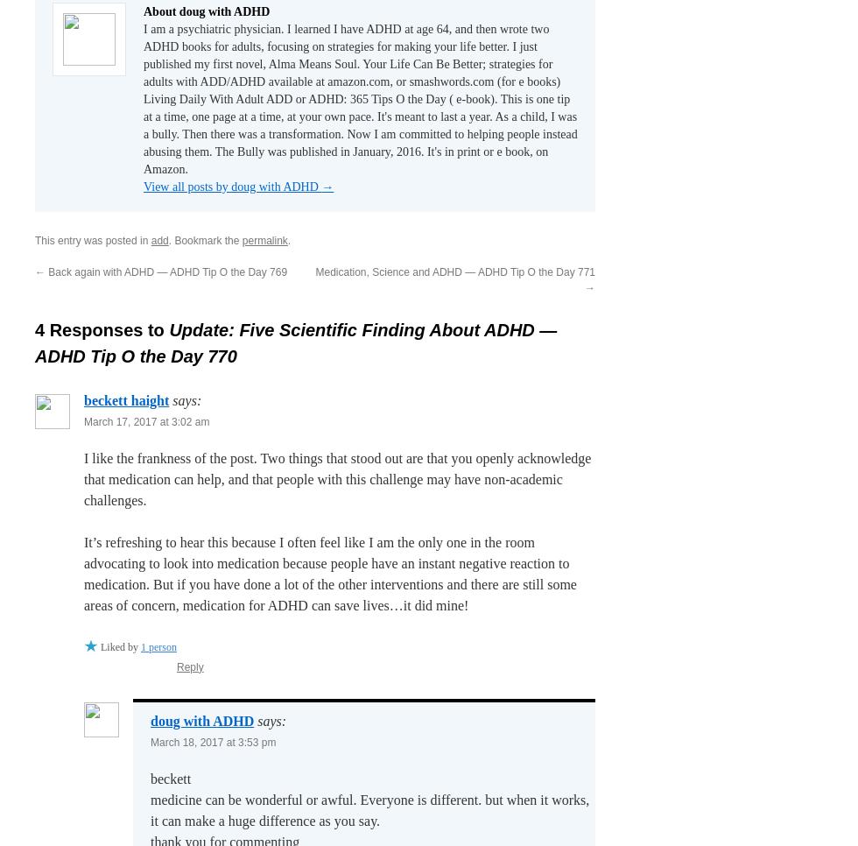  Describe the element at coordinates (264, 239) in the screenshot. I see `'permalink'` at that location.